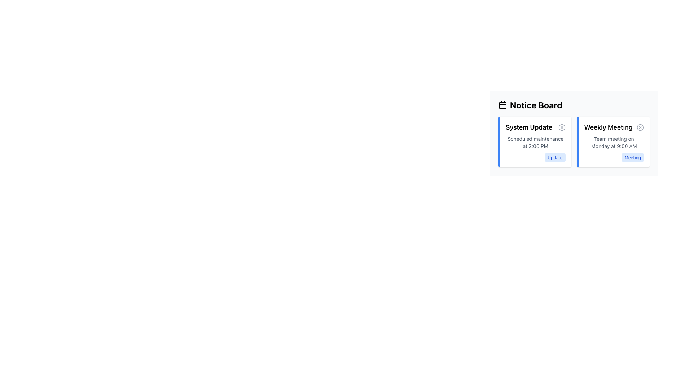 The height and width of the screenshot is (390, 693). What do you see at coordinates (561, 127) in the screenshot?
I see `the circular graphic element within the cancel icon structure, located to the right of the 'System Update' text` at bounding box center [561, 127].